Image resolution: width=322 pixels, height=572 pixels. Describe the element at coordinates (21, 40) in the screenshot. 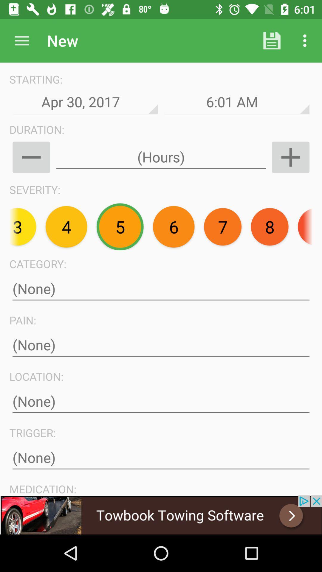

I see `open menu` at that location.